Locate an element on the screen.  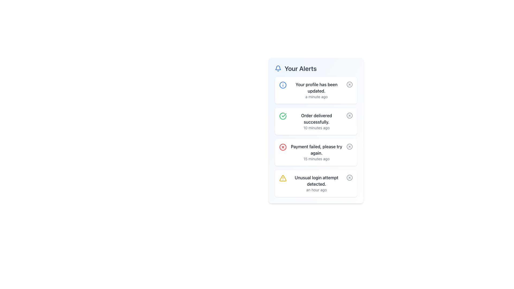
the circular icon with a blue border and an inner blue 'i' symbol located in the first alert box of the 'Your Alerts' section, to the left of the text 'Your profile has been updated.' is located at coordinates (282, 85).